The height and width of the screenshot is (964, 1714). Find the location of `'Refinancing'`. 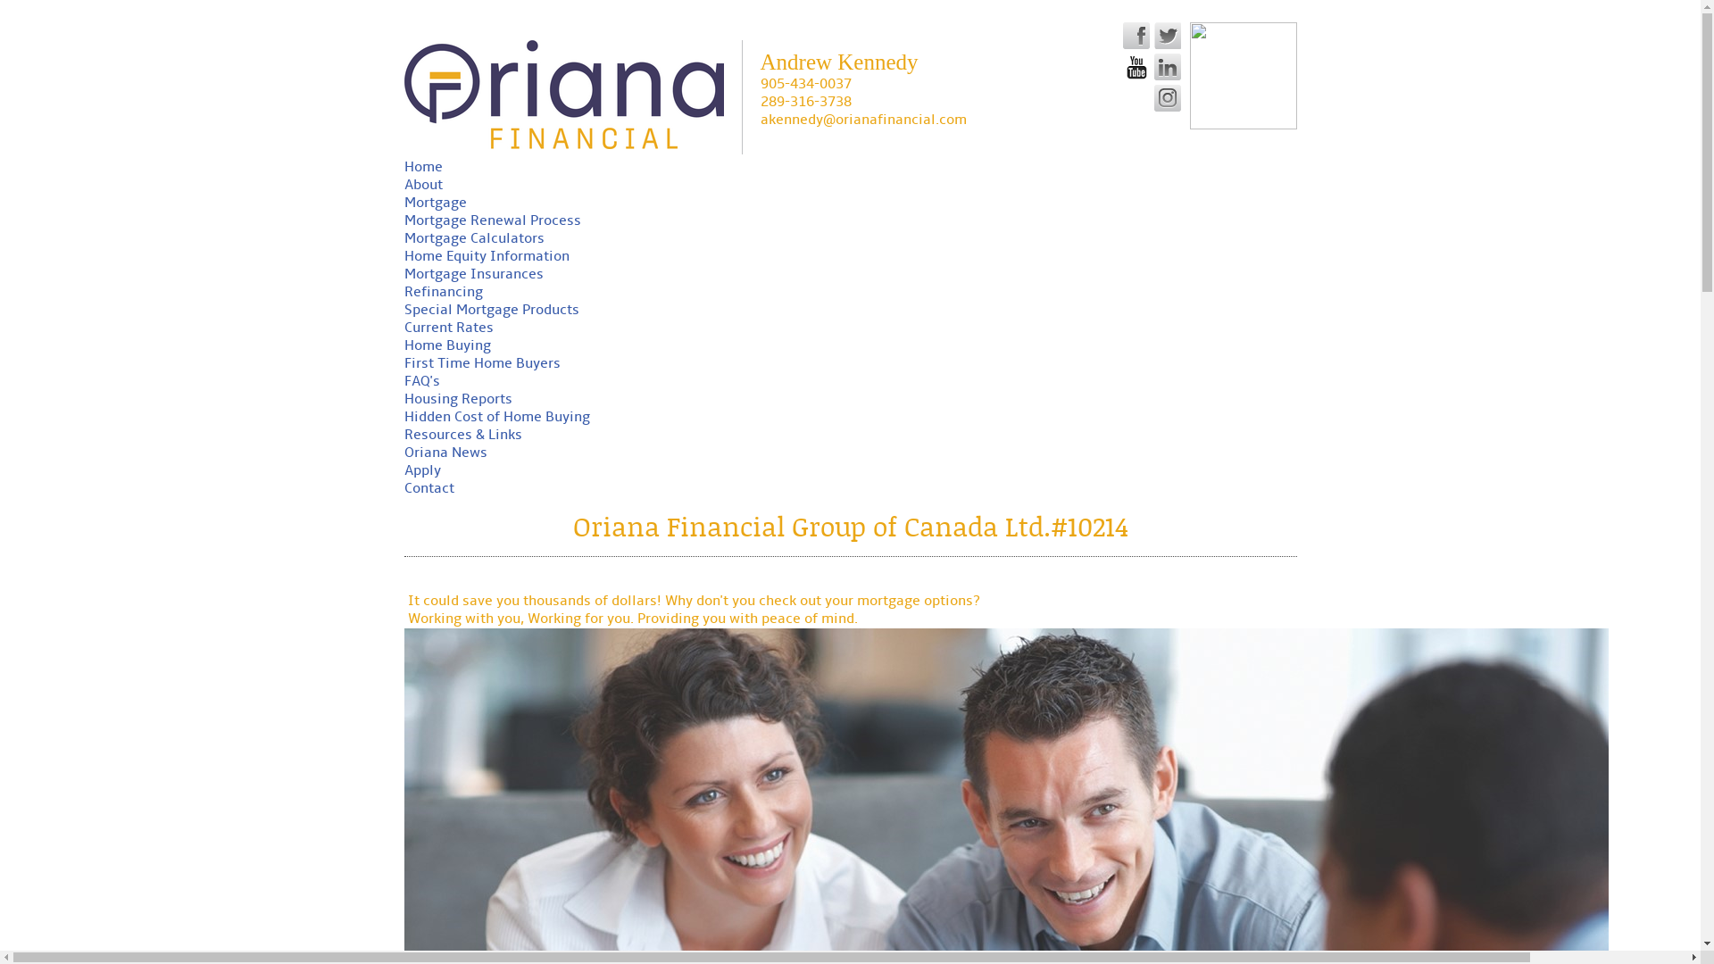

'Refinancing' is located at coordinates (442, 291).